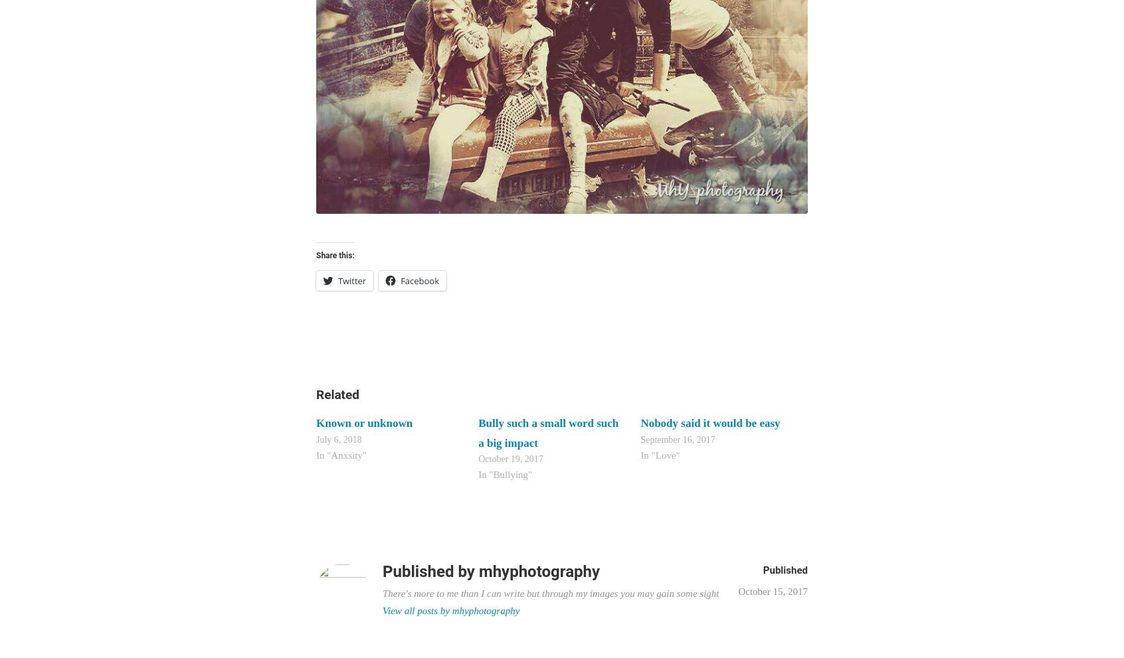 Image resolution: width=1124 pixels, height=658 pixels. What do you see at coordinates (337, 394) in the screenshot?
I see `'Related'` at bounding box center [337, 394].